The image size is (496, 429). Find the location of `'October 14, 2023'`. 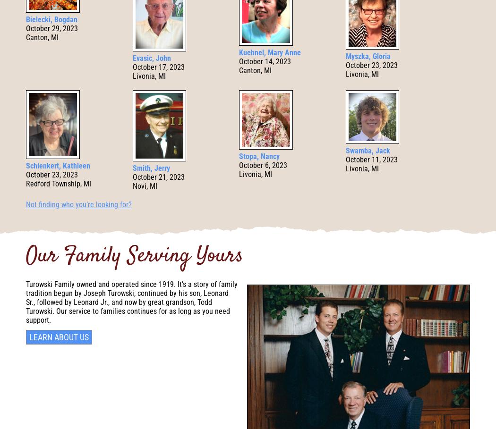

'October 14, 2023' is located at coordinates (265, 61).